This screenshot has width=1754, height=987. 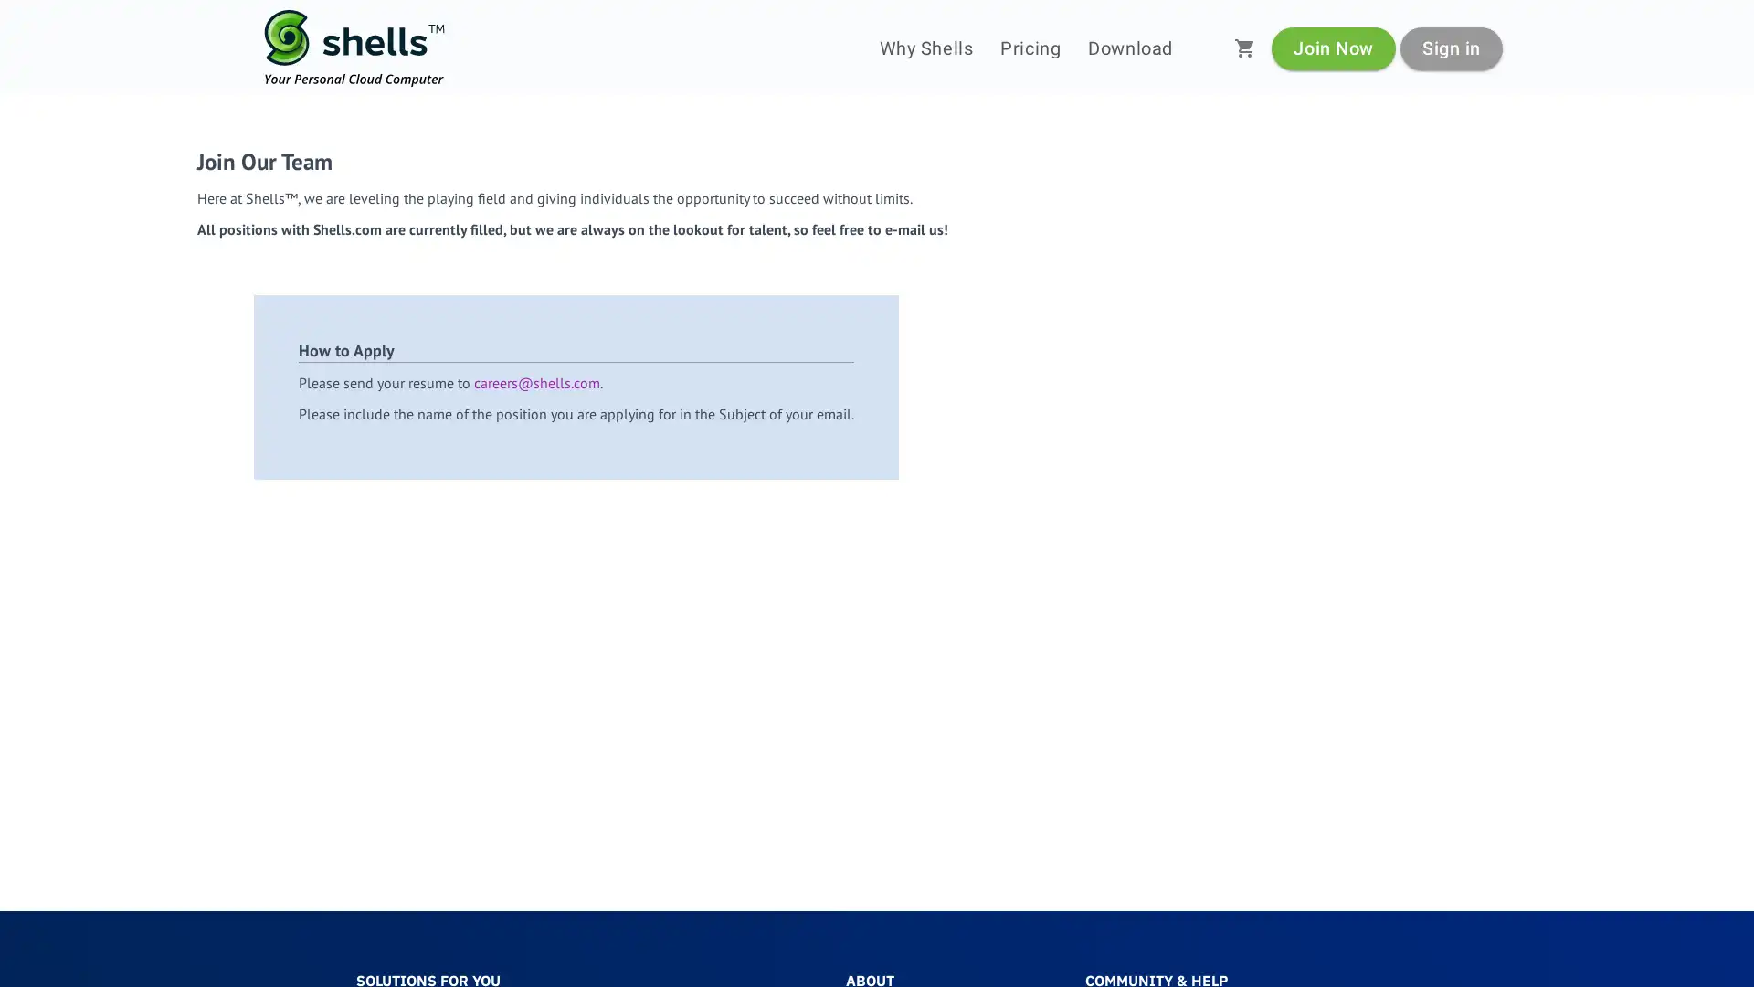 What do you see at coordinates (1244, 48) in the screenshot?
I see `cart` at bounding box center [1244, 48].